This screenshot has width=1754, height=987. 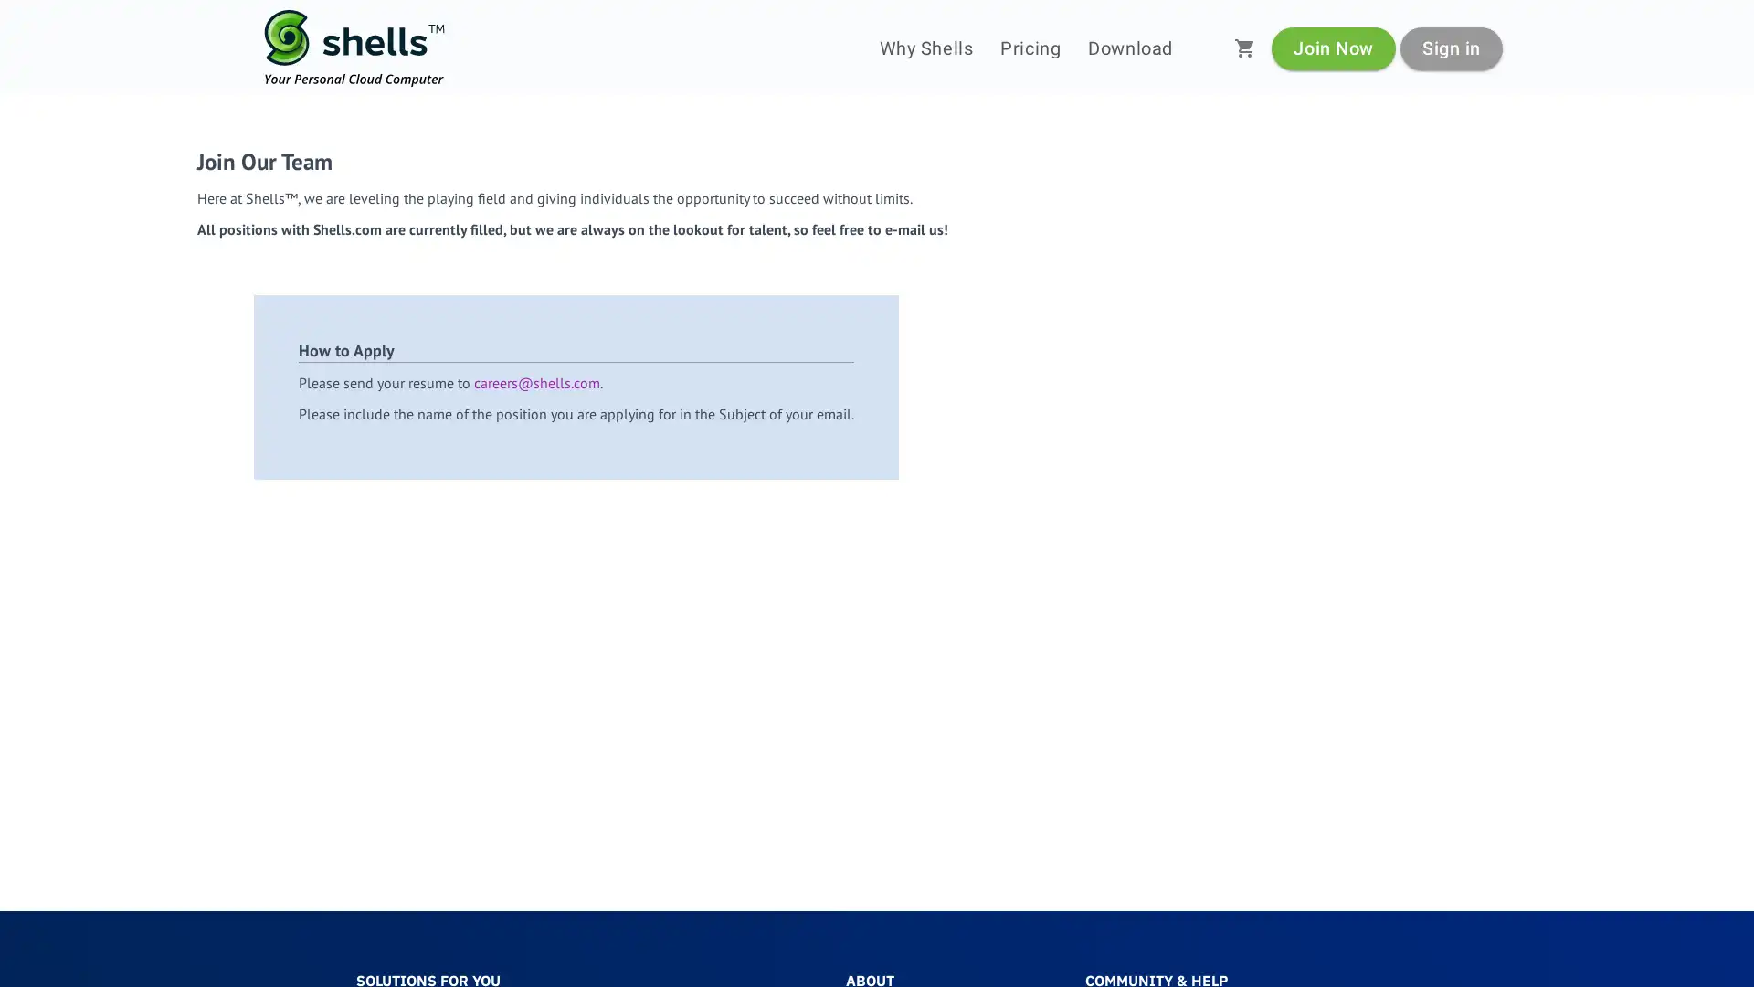 What do you see at coordinates (1244, 48) in the screenshot?
I see `cart` at bounding box center [1244, 48].